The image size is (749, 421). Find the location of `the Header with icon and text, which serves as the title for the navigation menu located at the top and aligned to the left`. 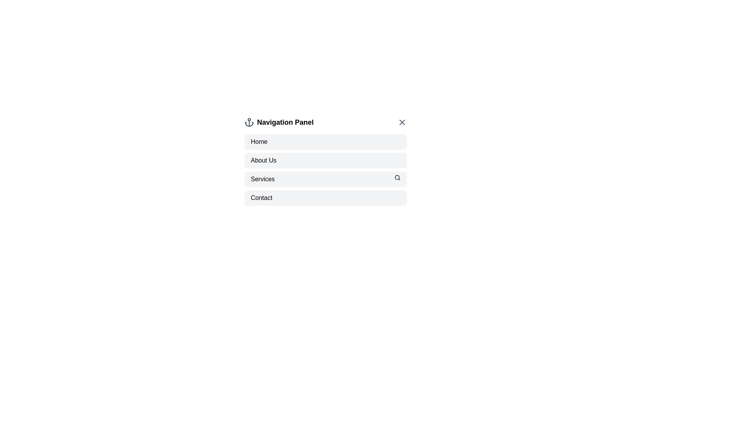

the Header with icon and text, which serves as the title for the navigation menu located at the top and aligned to the left is located at coordinates (279, 122).